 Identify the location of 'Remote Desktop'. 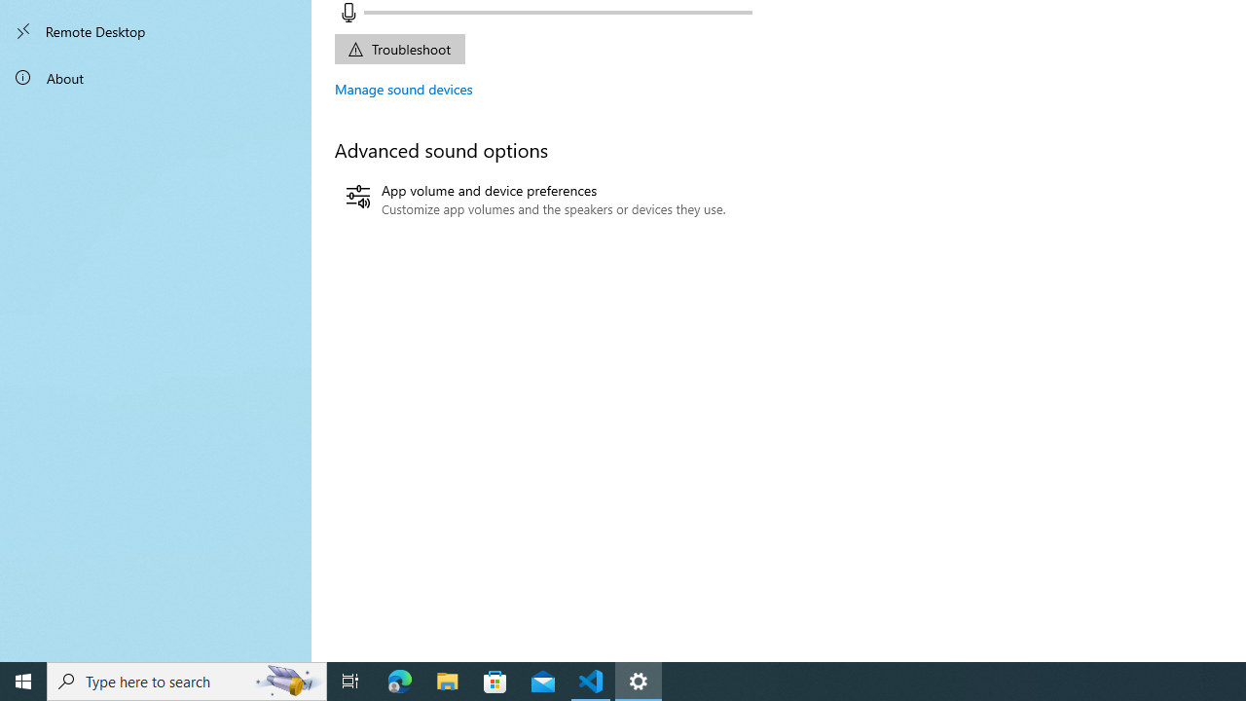
(156, 31).